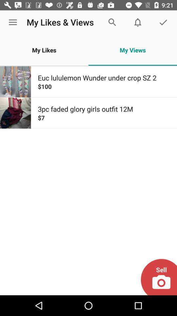 The height and width of the screenshot is (316, 177). What do you see at coordinates (158, 276) in the screenshot?
I see `the icon below $7 item` at bounding box center [158, 276].